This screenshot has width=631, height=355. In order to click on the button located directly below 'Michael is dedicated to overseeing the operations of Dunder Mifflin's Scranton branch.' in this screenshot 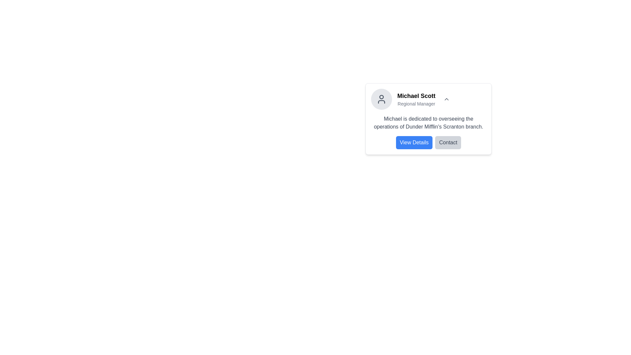, I will do `click(429, 142)`.